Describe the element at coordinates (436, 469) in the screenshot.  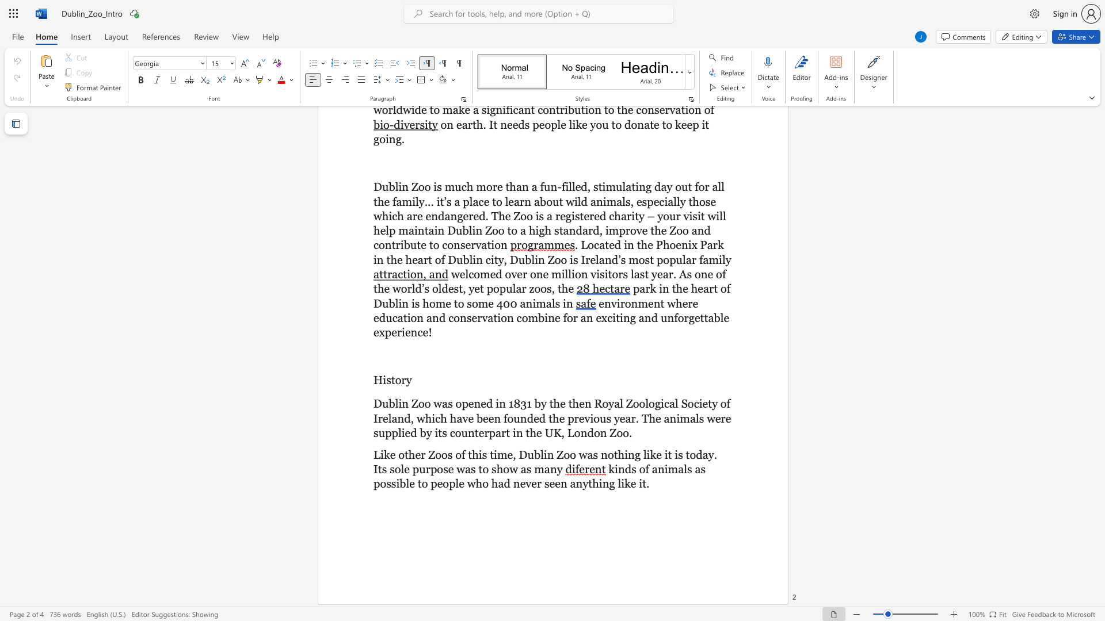
I see `the subset text "ose wa" within the text "Like other Zoos of this time, Dublin Zoo was nothing like it is today. Its sole purpose was to show as many"` at that location.